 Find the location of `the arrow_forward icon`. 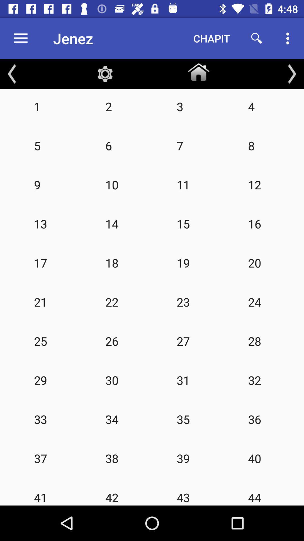

the arrow_forward icon is located at coordinates (292, 74).